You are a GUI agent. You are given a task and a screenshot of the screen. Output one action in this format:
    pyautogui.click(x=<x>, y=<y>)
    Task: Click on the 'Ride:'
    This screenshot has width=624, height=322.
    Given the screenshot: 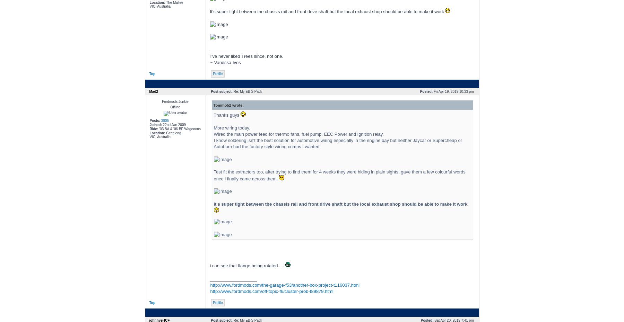 What is the action you would take?
    pyautogui.click(x=154, y=128)
    